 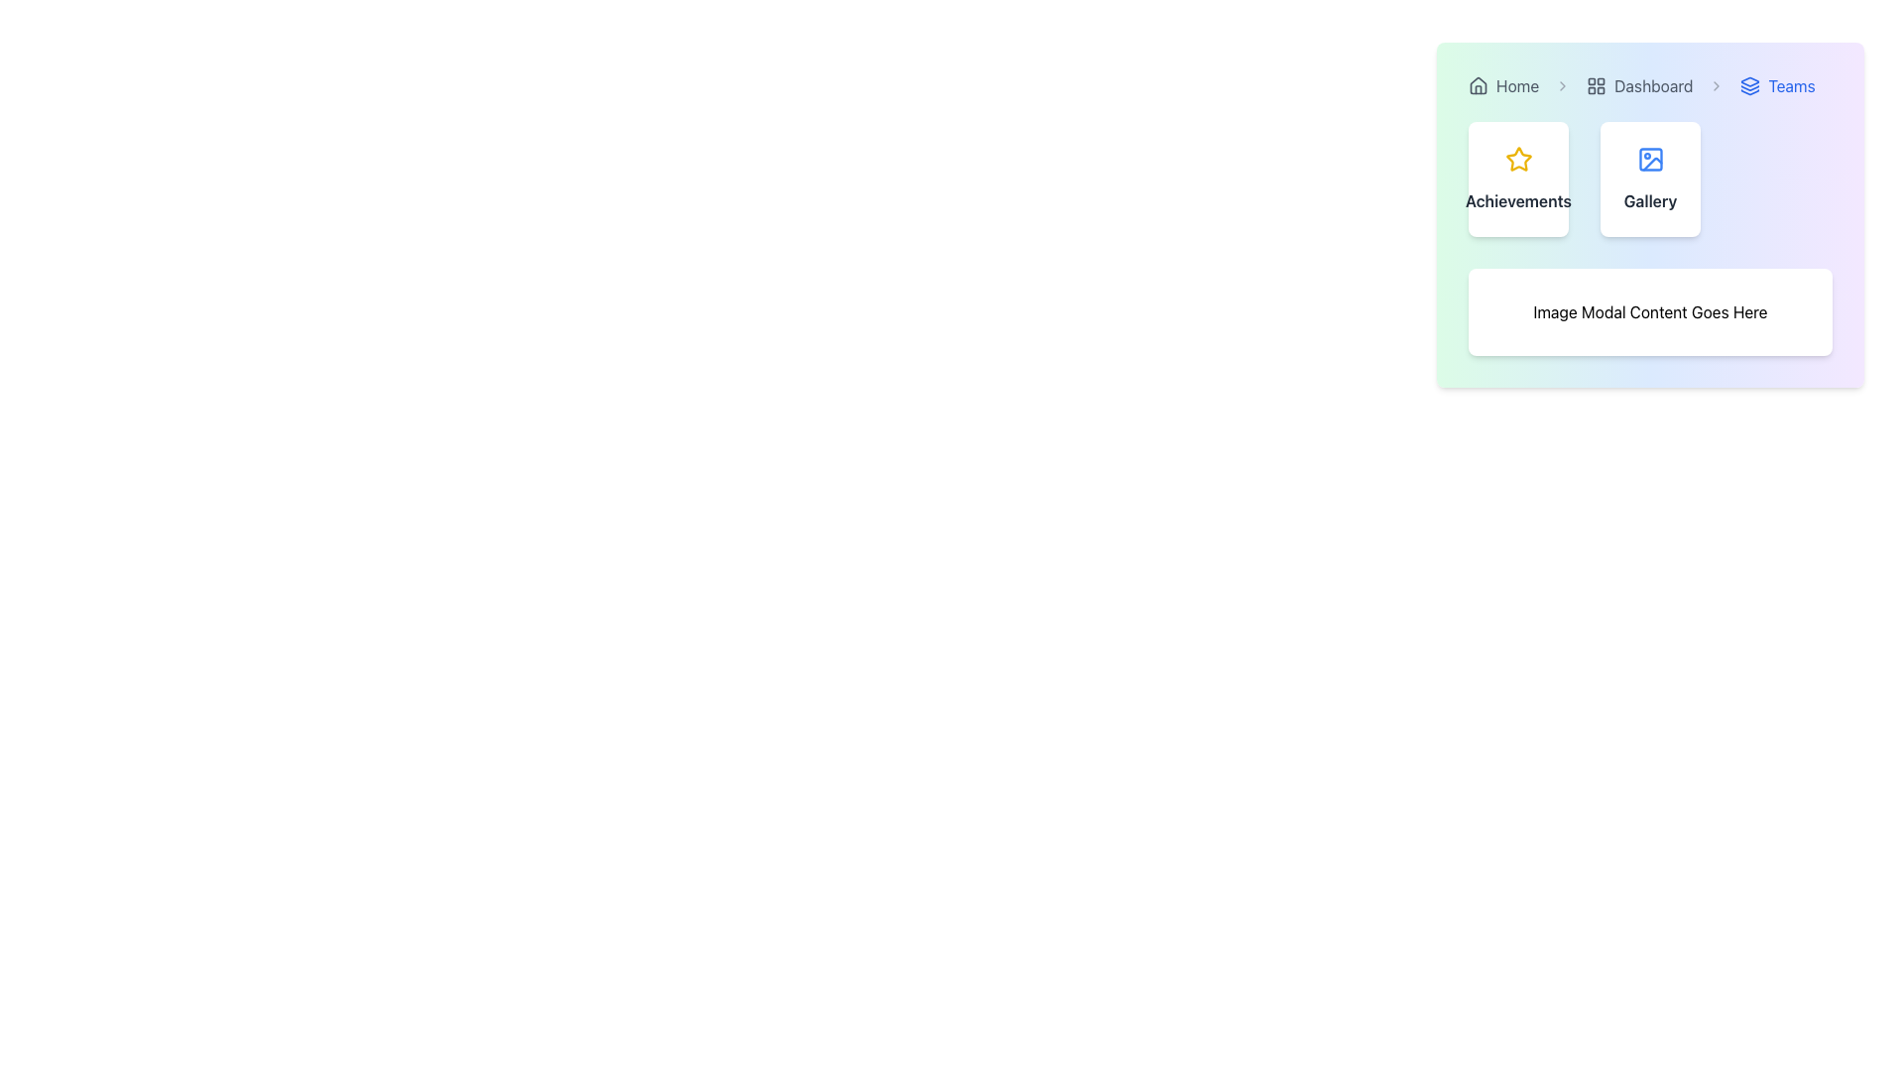 I want to click on the 'Home' navigation link, which is the first item in the breadcrumb navigation bar, so click(x=1503, y=85).